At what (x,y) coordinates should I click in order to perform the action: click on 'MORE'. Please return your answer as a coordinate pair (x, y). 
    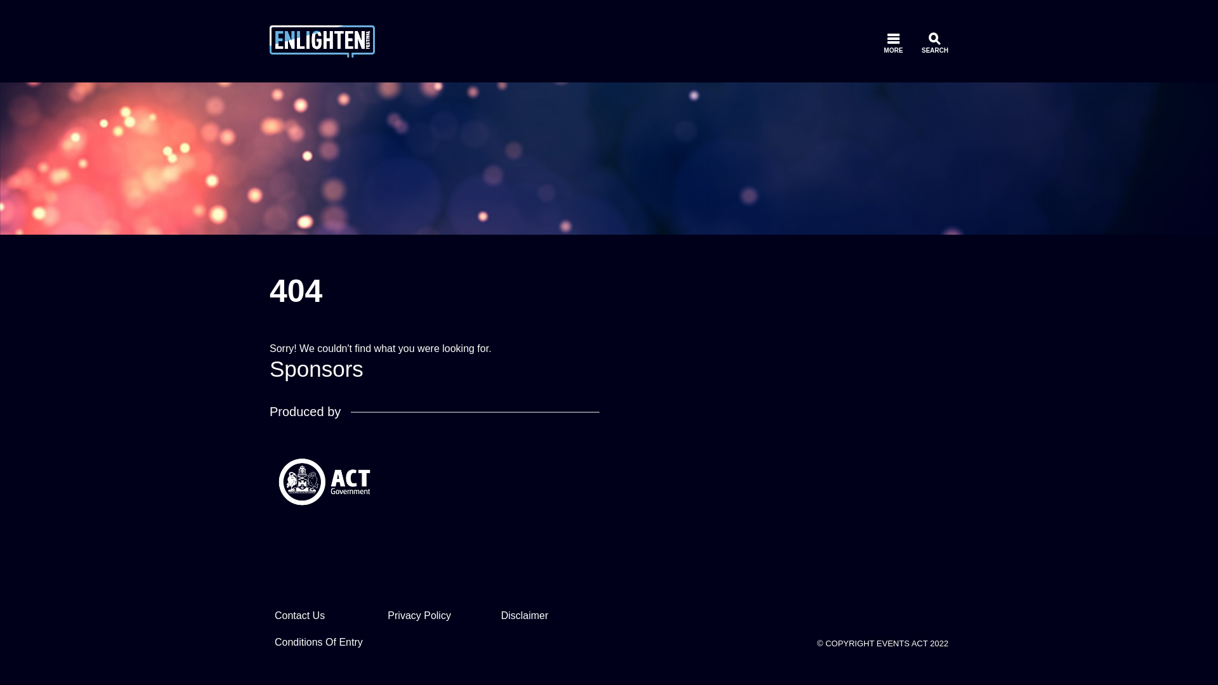
    Looking at the image, I should click on (892, 41).